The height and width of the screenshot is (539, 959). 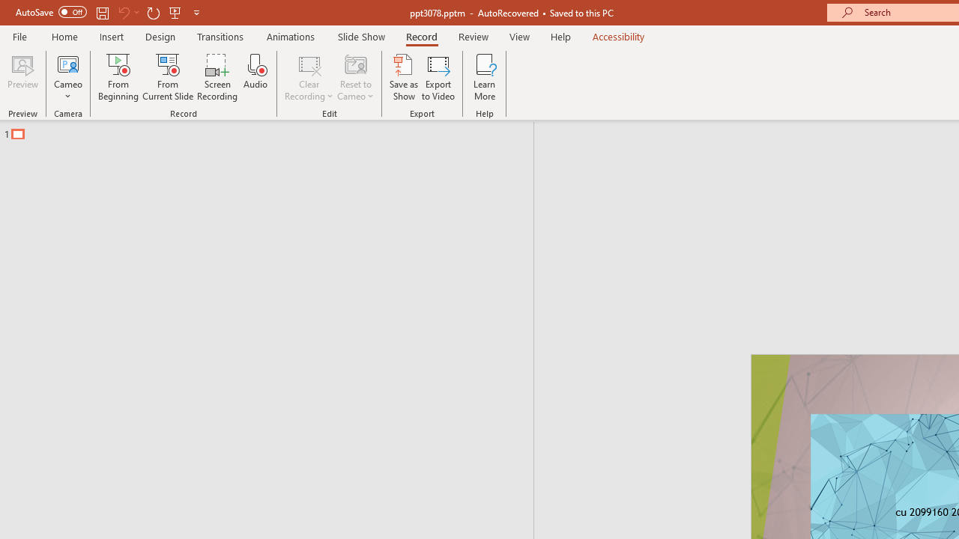 I want to click on 'Save as Show', so click(x=404, y=77).